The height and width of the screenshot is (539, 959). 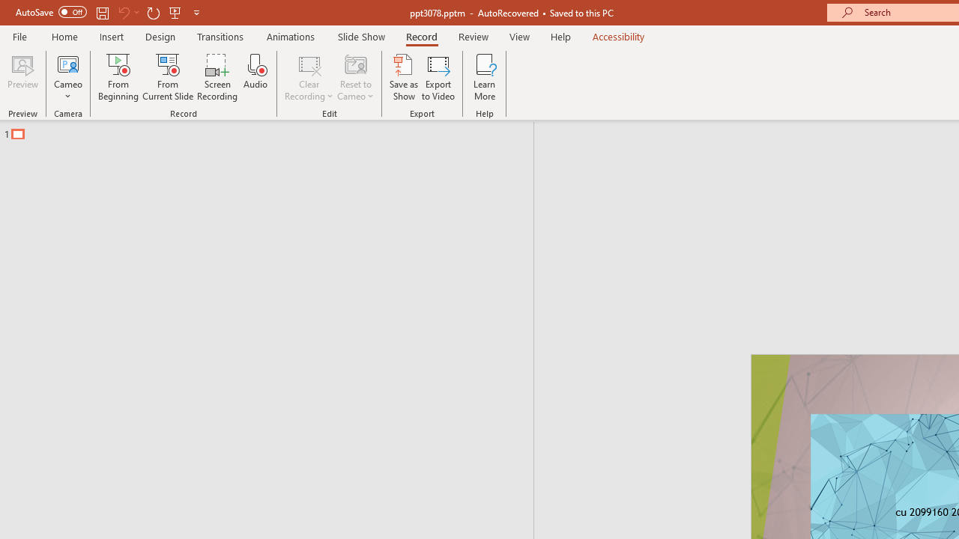 I want to click on 'Save as Show', so click(x=404, y=77).